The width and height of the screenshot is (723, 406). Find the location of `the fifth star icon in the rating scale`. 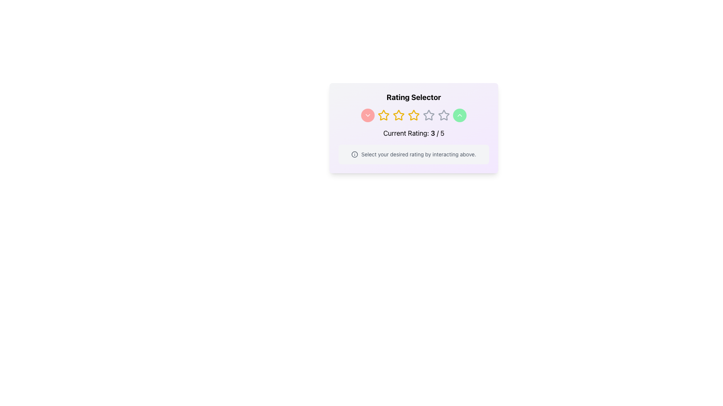

the fifth star icon in the rating scale is located at coordinates (444, 115).